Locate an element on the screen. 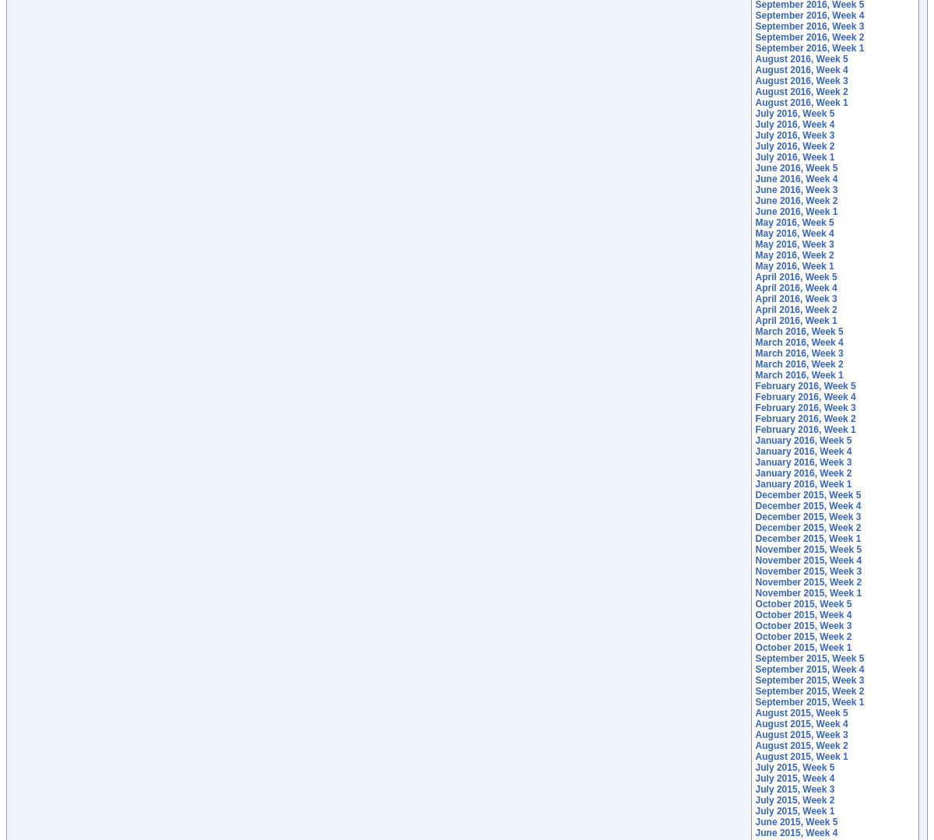  'July 2016, Week 5' is located at coordinates (794, 112).